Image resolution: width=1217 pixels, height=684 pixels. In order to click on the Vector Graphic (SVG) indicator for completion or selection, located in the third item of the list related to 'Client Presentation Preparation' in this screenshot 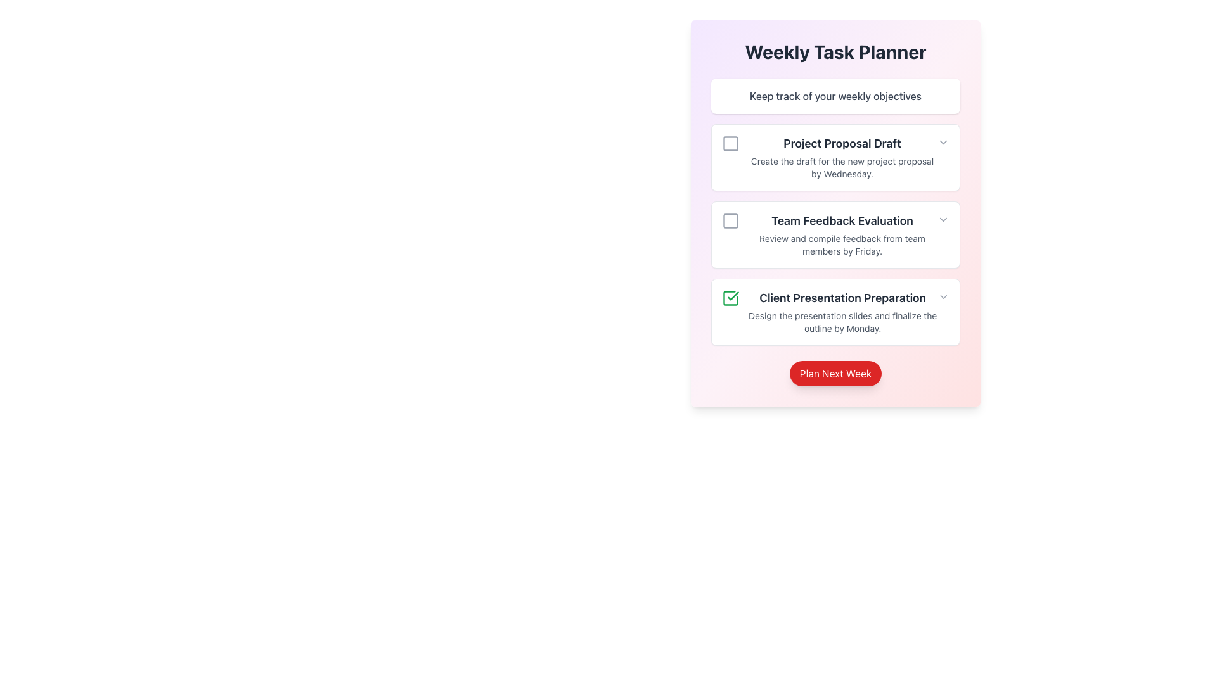, I will do `click(733, 296)`.